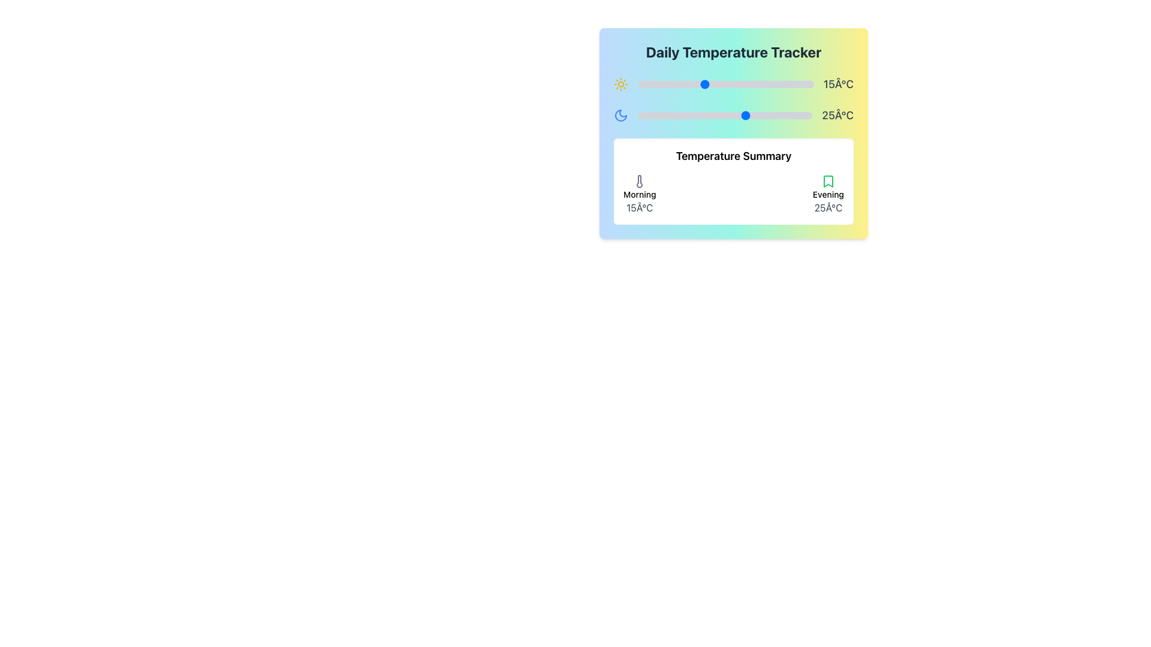 The height and width of the screenshot is (647, 1151). What do you see at coordinates (639, 194) in the screenshot?
I see `the 'Morning' text label in the 'Temperature Summary' section, which is styled with a medium-sized font in black and positioned below the thermometer icon` at bounding box center [639, 194].